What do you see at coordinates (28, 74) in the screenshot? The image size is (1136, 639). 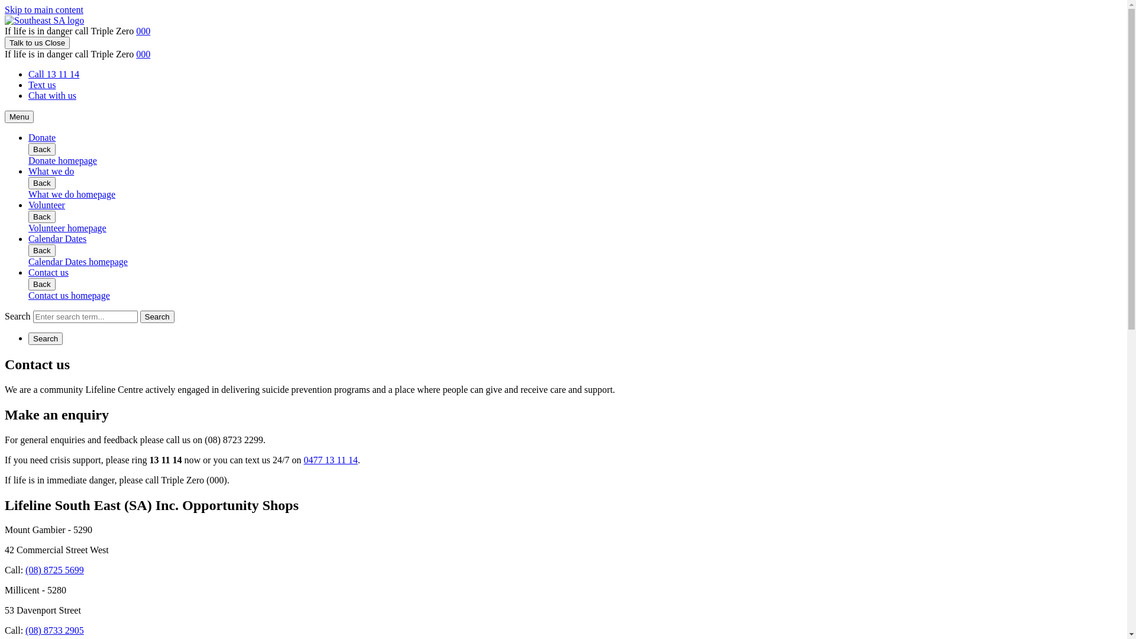 I see `'Call 13 11 14'` at bounding box center [28, 74].